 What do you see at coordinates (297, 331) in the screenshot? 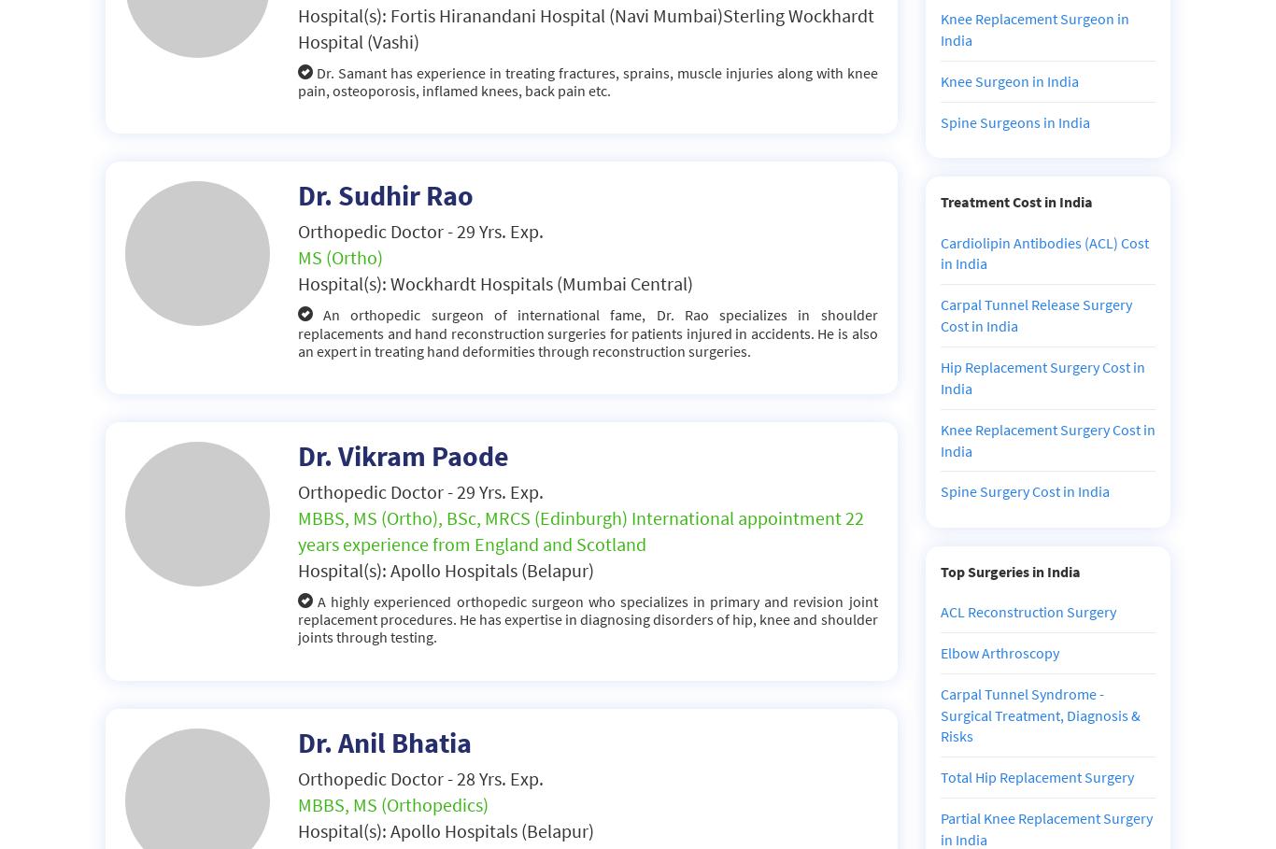
I see `'An orthopedic surgeon of international fame, Dr. Rao specializes in shoulder replacements and hand reconstruction surgeries for patients injured in accidents. He is also an expert in treating hand deformities through reconstruction surgeries.'` at bounding box center [297, 331].